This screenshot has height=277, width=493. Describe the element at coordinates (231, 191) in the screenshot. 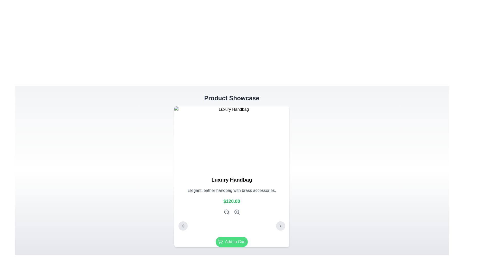

I see `the text block located below the title 'Luxury Handbag' and above the price label '$120.00'` at that location.